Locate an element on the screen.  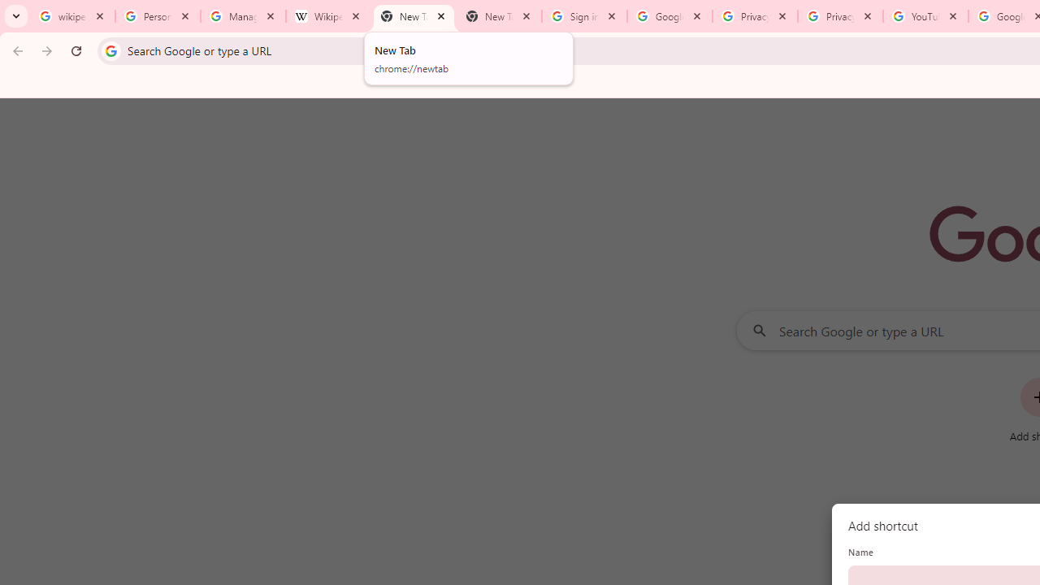
'YouTube' is located at coordinates (925, 16).